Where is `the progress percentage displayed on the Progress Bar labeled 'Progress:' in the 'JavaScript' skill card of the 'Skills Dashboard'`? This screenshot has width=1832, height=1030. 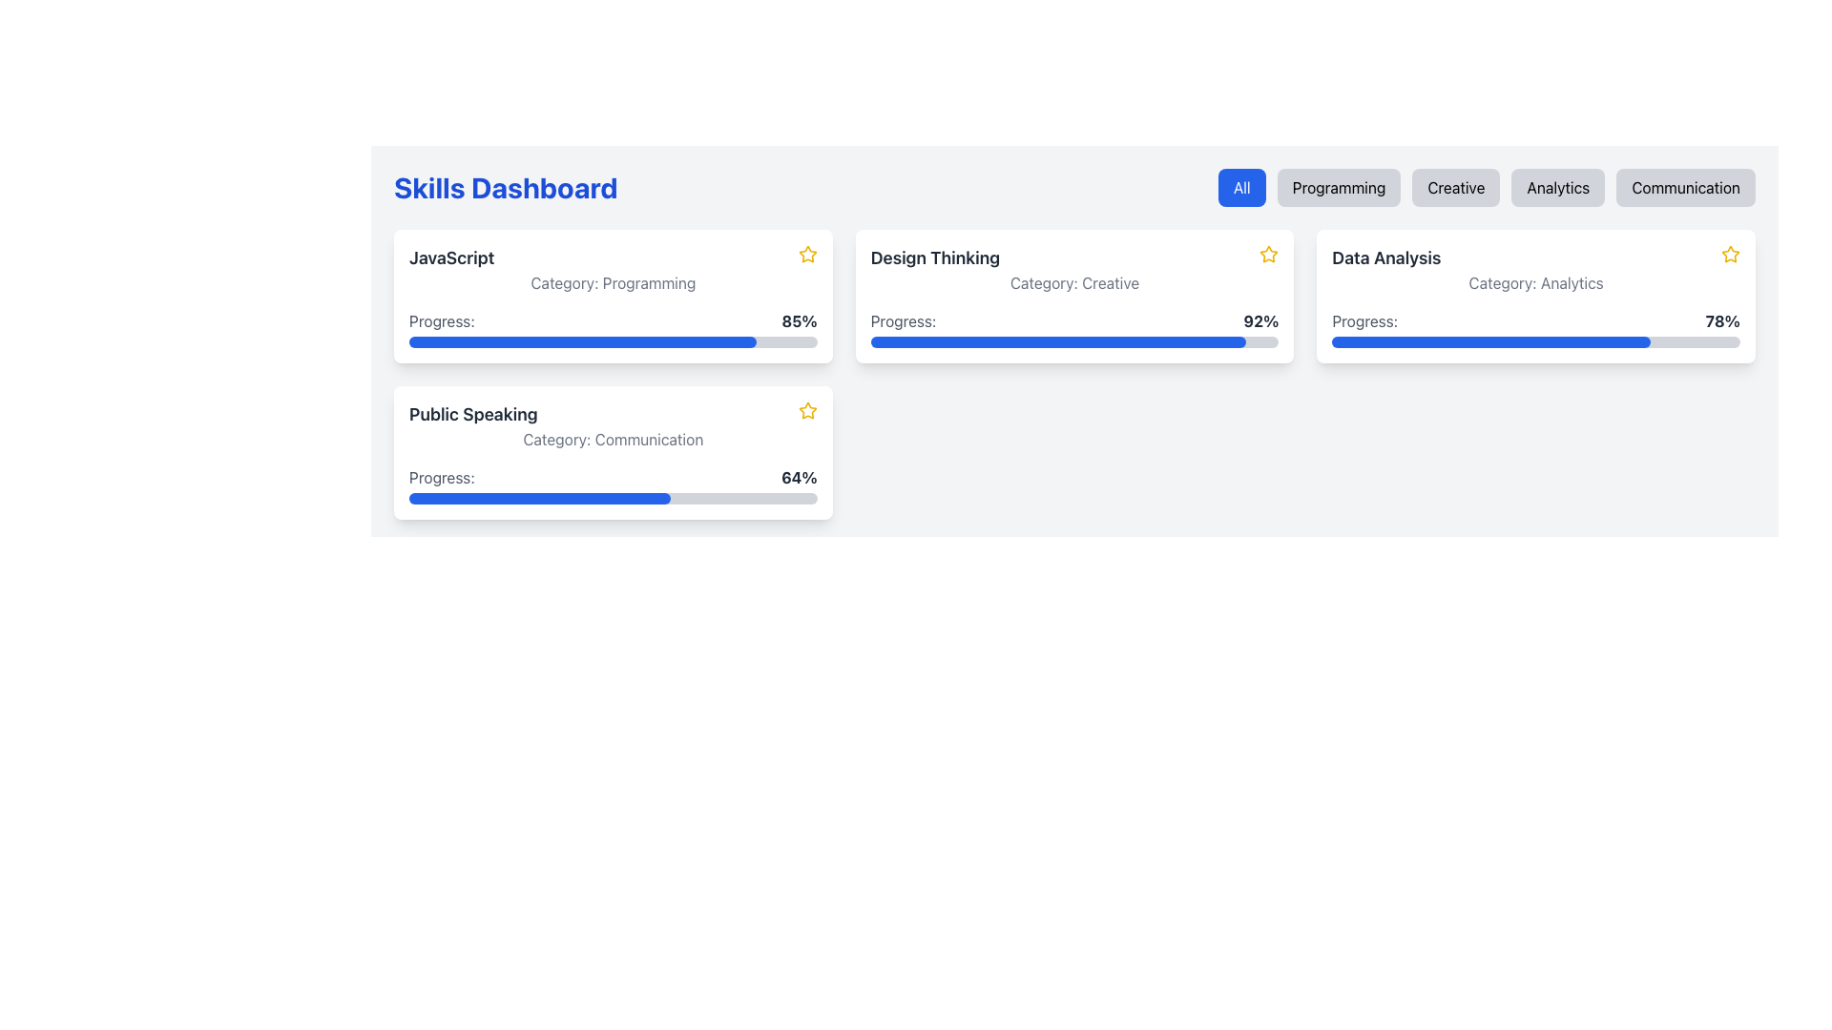
the progress percentage displayed on the Progress Bar labeled 'Progress:' in the 'JavaScript' skill card of the 'Skills Dashboard' is located at coordinates (613, 327).